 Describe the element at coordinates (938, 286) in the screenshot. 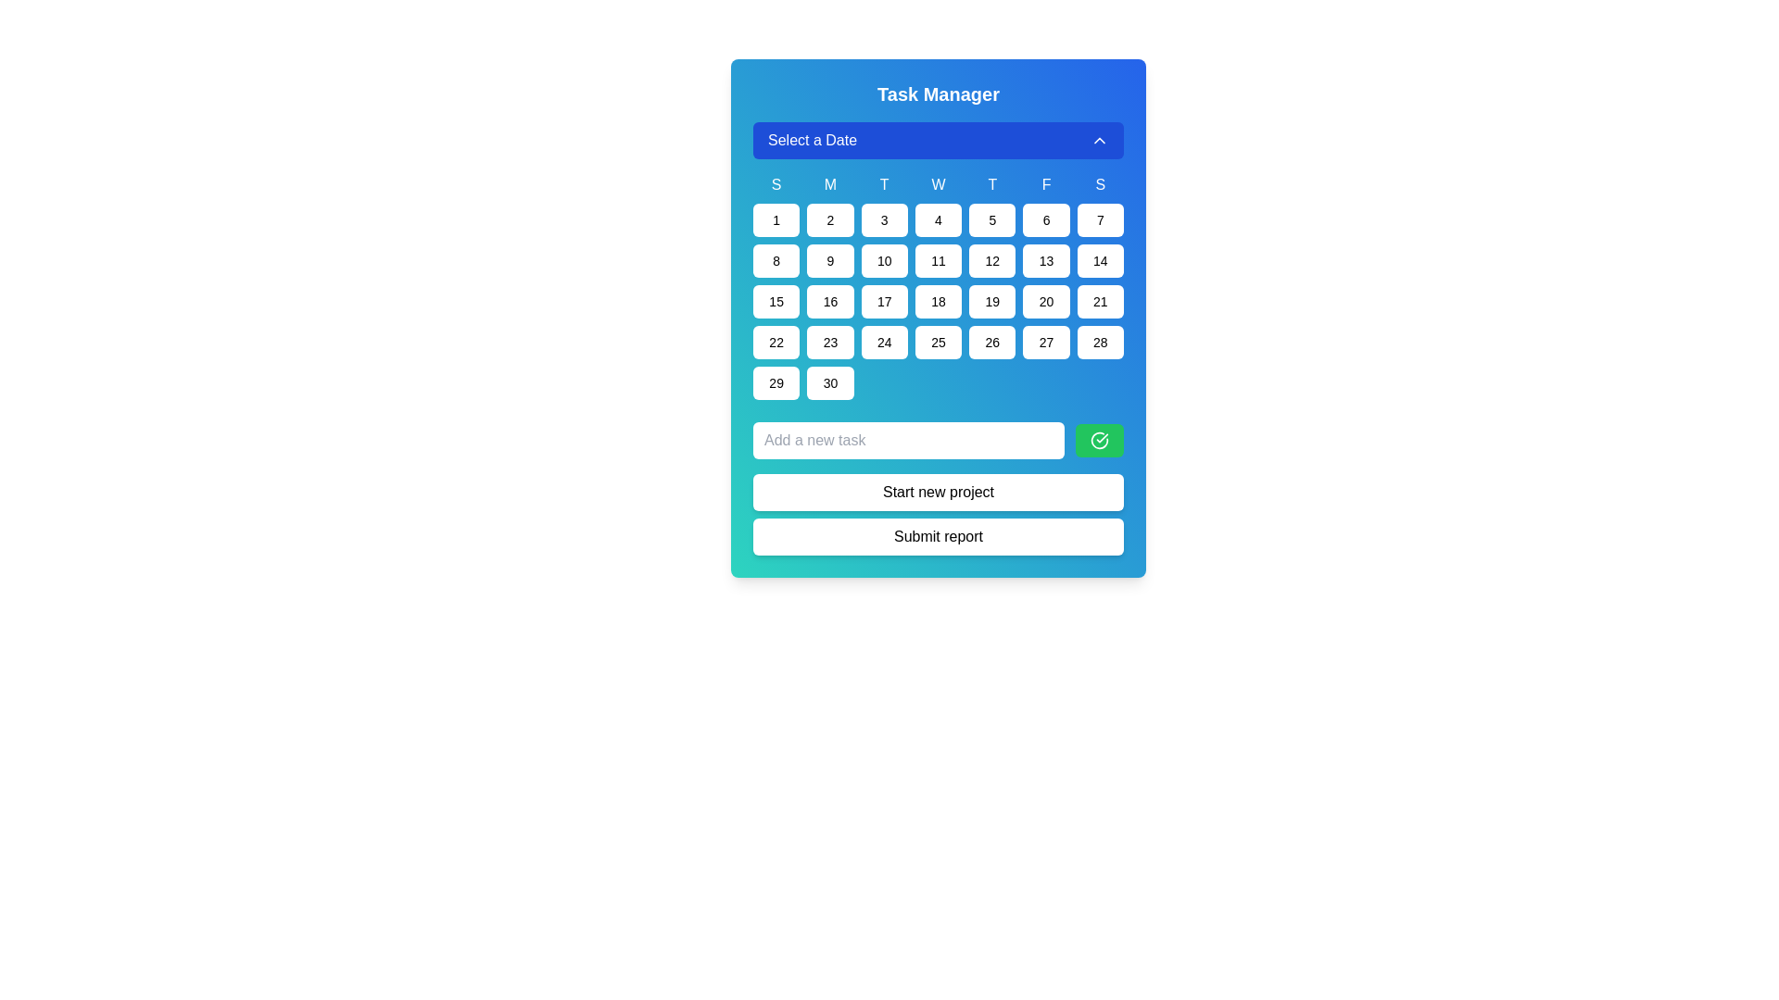

I see `the grid cell for Wednesday, the 18th day of the month in the calendar interface` at that location.